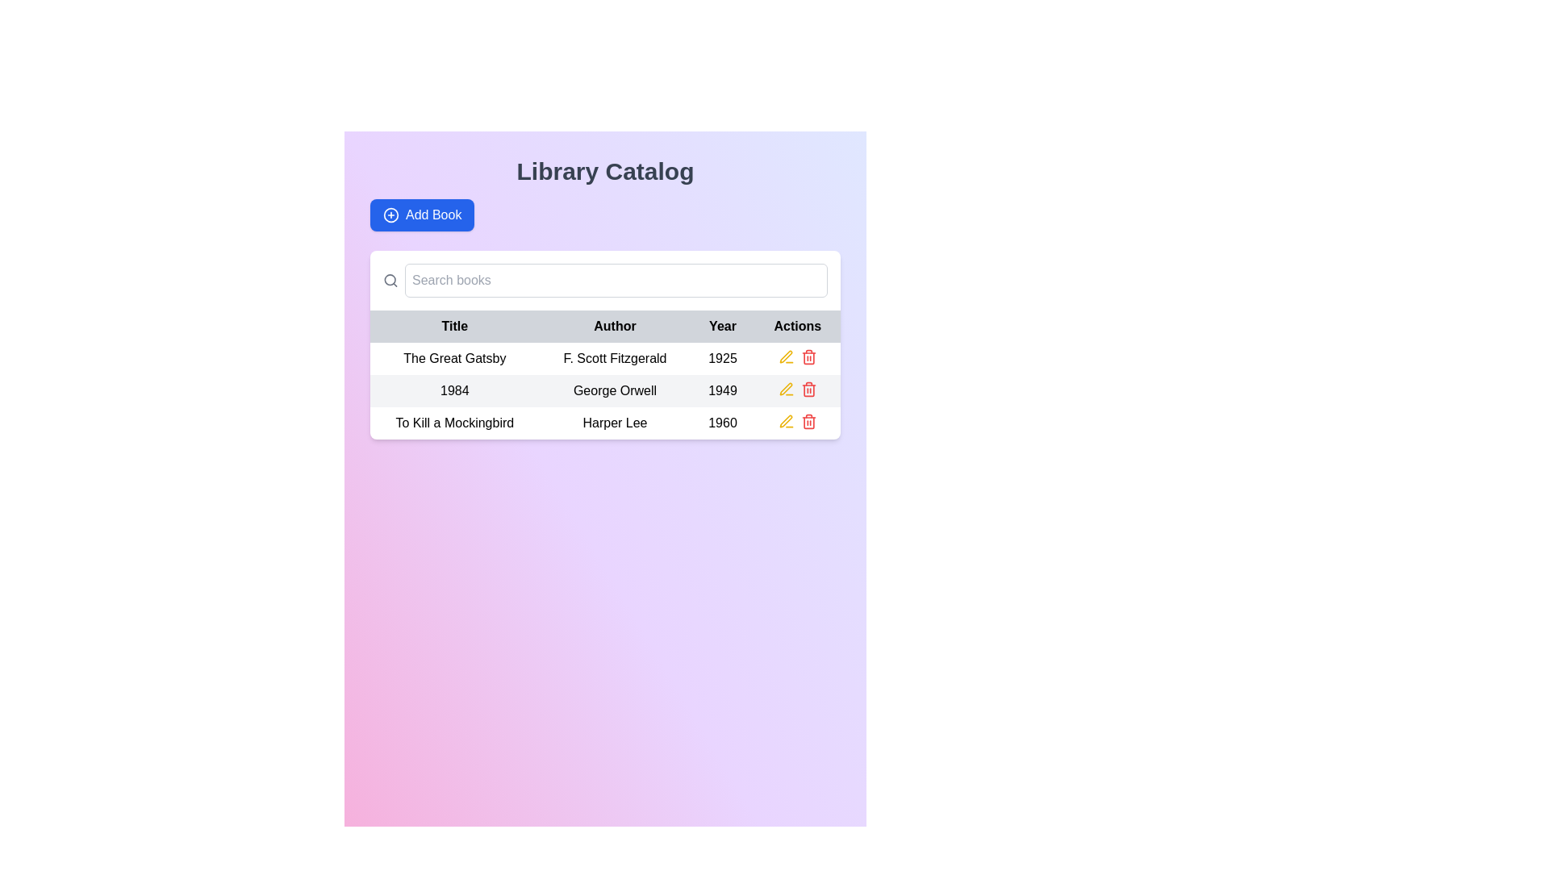  Describe the element at coordinates (797, 356) in the screenshot. I see `the edit button in the Horizontal button group for the entry 'The Great Gatsby' located in the 'Actions' column of the first row` at that location.